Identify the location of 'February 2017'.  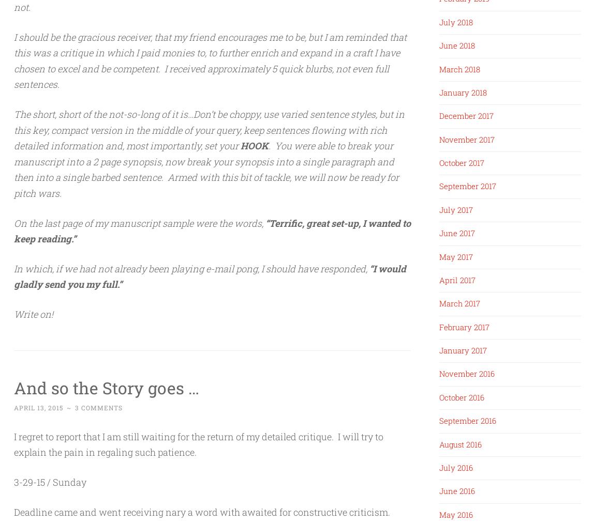
(464, 327).